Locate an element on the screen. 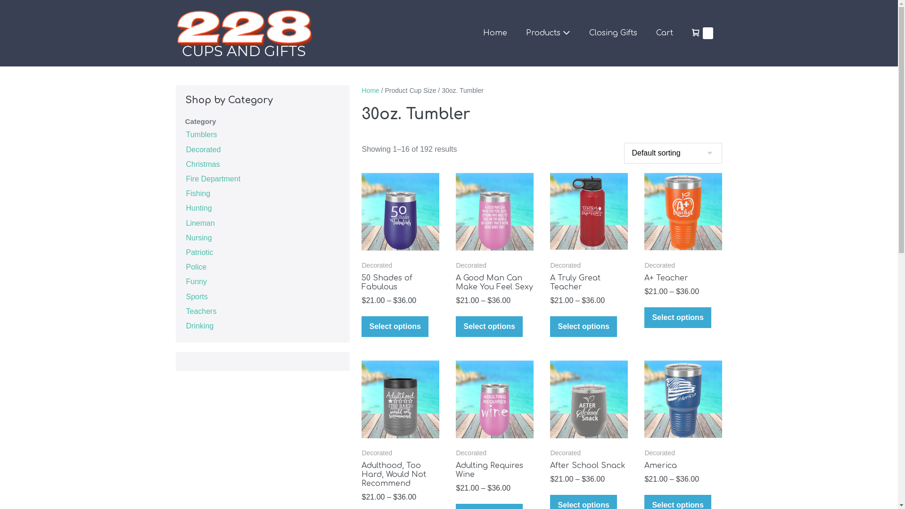 The width and height of the screenshot is (905, 509). 'A+ Teacher' is located at coordinates (644, 278).